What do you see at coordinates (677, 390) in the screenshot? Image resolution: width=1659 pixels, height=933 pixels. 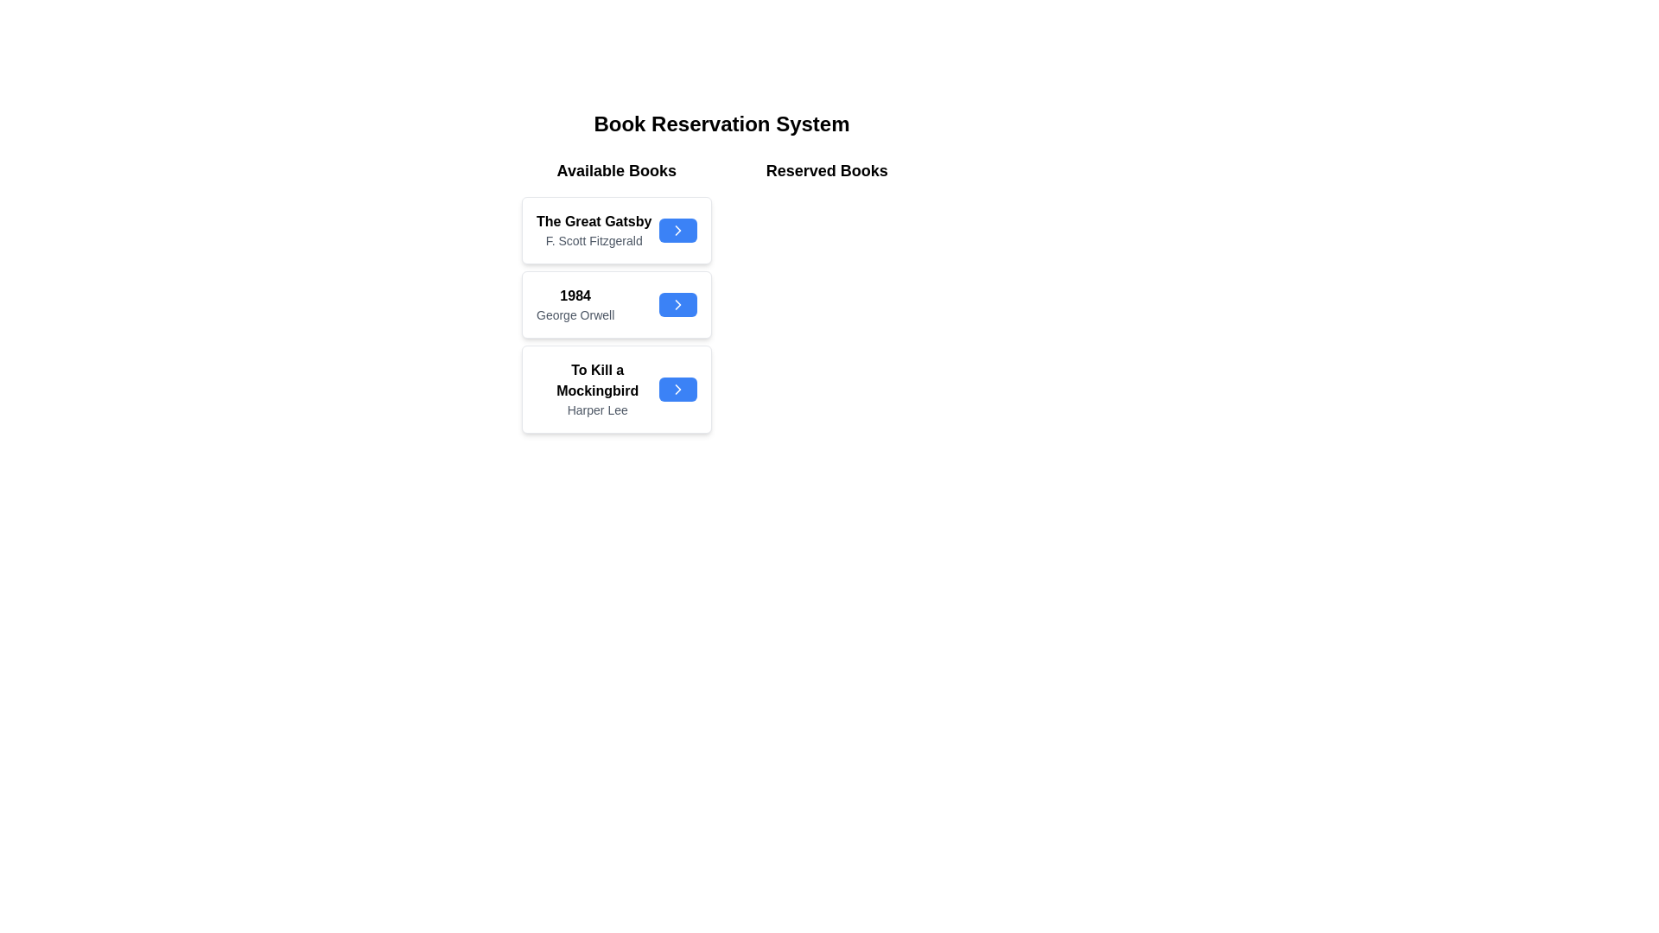 I see `the right-facing chevron icon styled in white that is located within the blue circular button of the third book listing titled 'To Kill a Mockingbird'` at bounding box center [677, 390].